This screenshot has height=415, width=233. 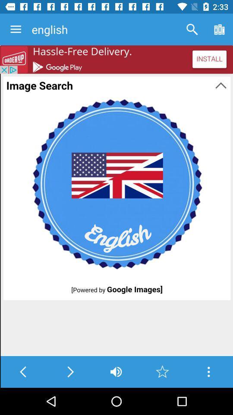 I want to click on interact with advertisement, so click(x=116, y=59).